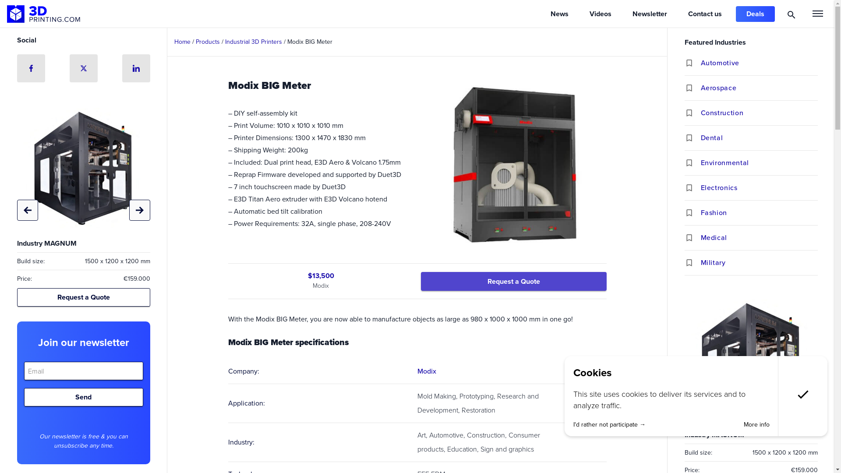  Describe the element at coordinates (253, 42) in the screenshot. I see `'Industrial 3D Printers'` at that location.